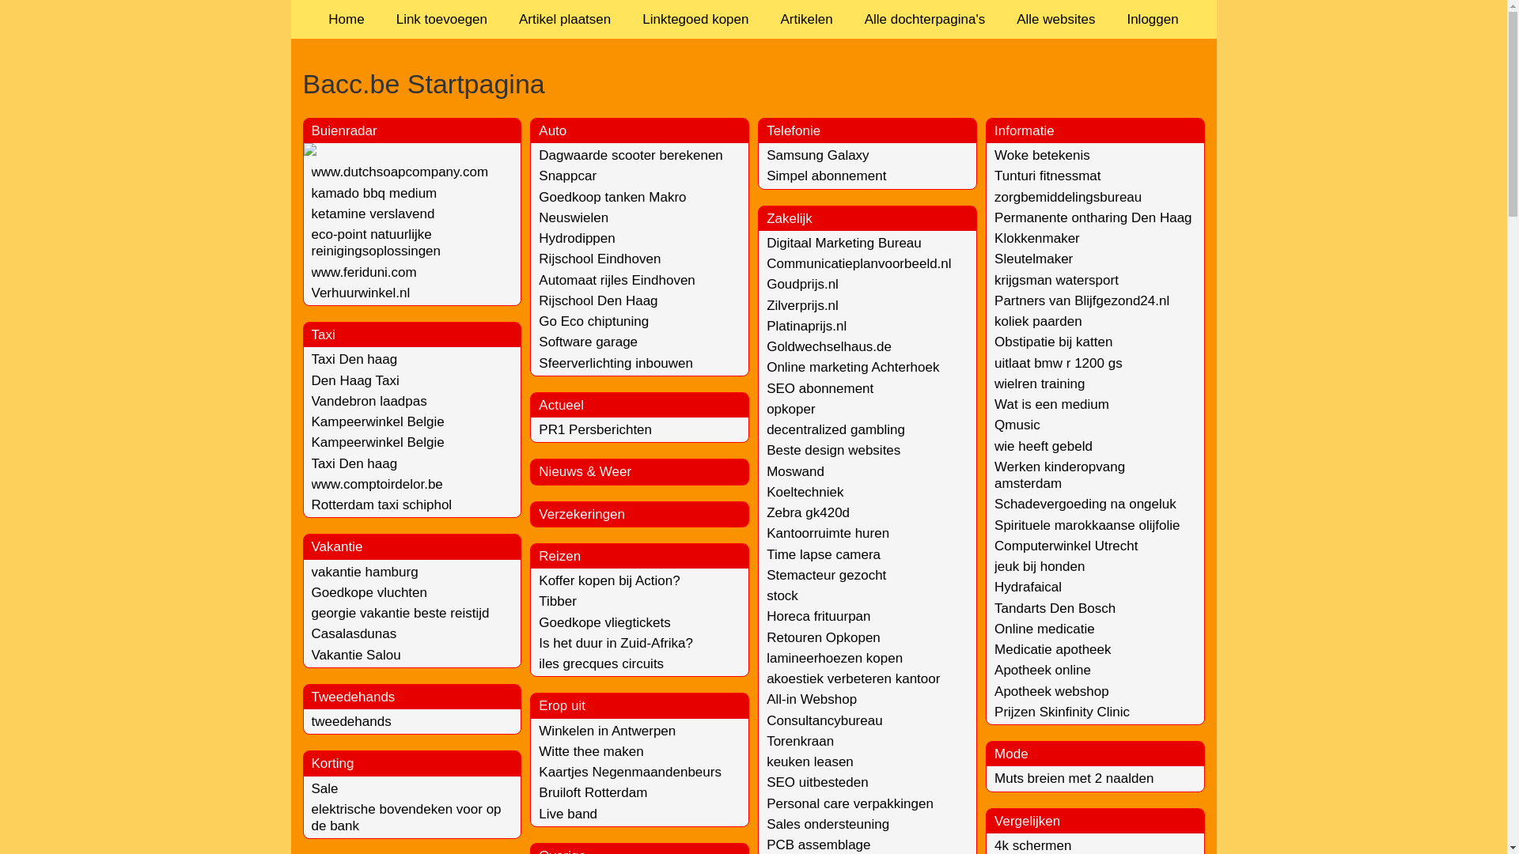 The height and width of the screenshot is (854, 1519). I want to click on 'Klokkenmaker', so click(1036, 238).